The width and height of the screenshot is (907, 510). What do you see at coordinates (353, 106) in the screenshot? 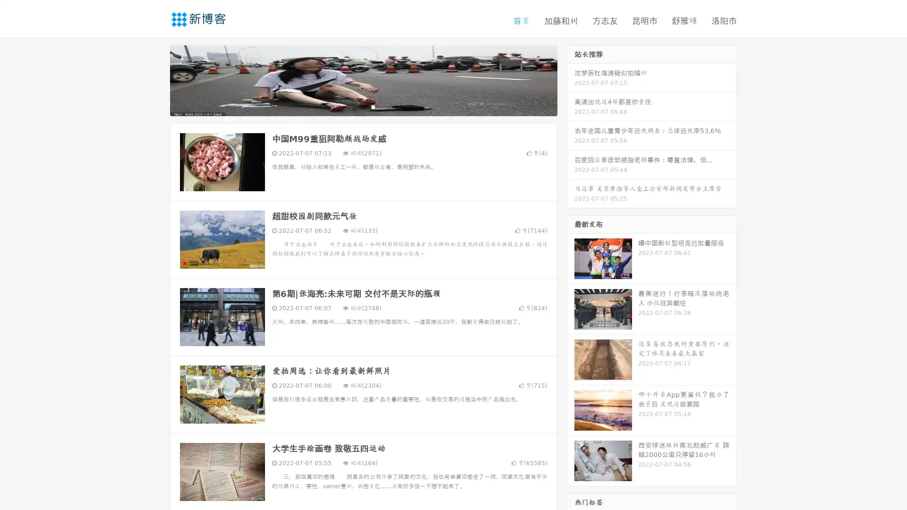
I see `Go to slide 1` at bounding box center [353, 106].